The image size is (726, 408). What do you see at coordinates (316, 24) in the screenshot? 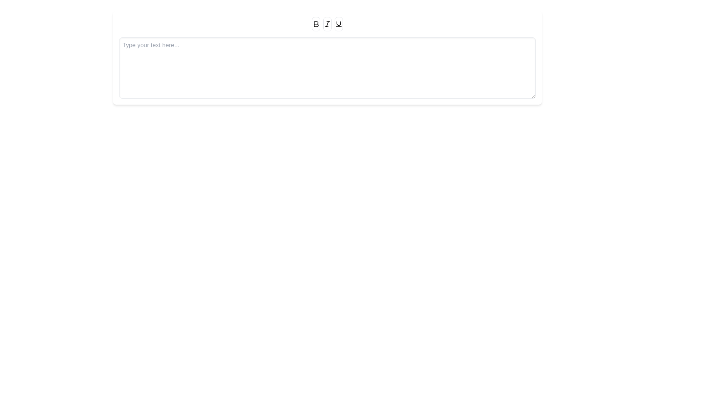
I see `the 'Bold' button, which is a rounded rectangle with a 'B' icon` at bounding box center [316, 24].